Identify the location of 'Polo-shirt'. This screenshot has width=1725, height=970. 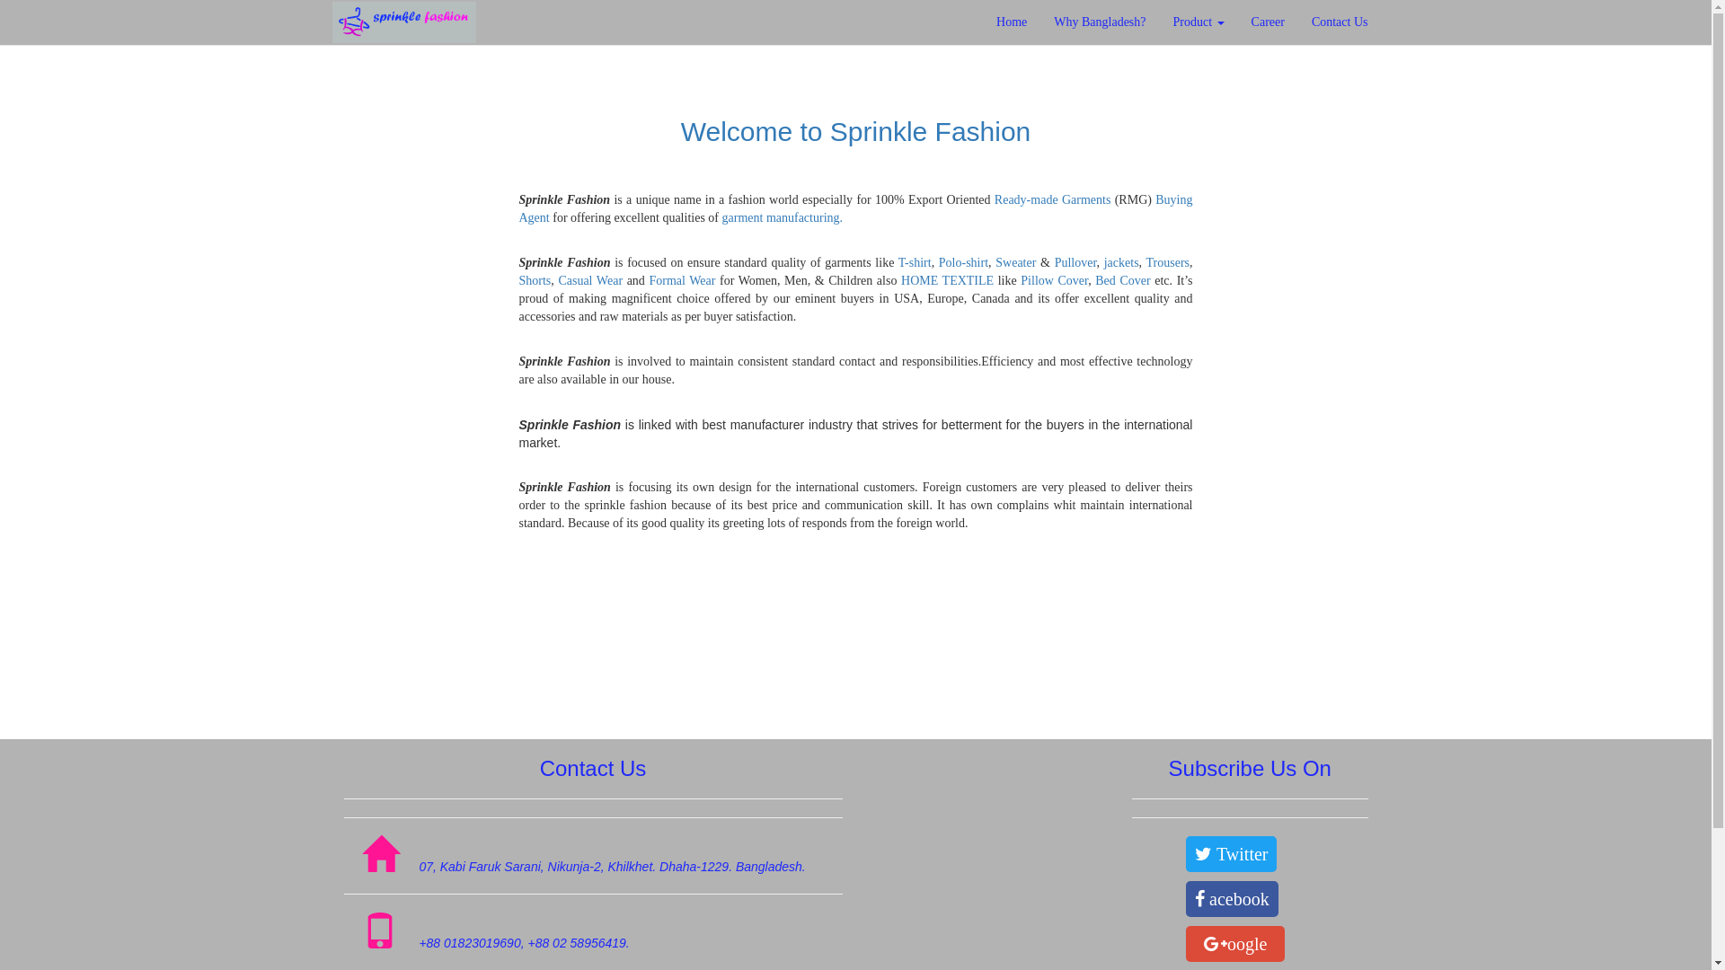
(962, 262).